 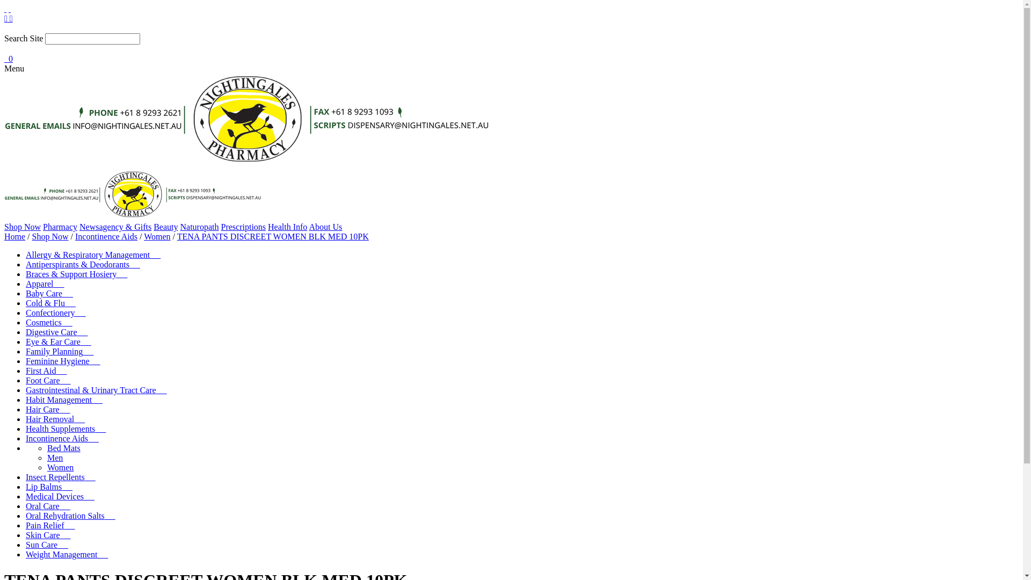 What do you see at coordinates (26, 264) in the screenshot?
I see `'Antiperspirants & Deodorants     '` at bounding box center [26, 264].